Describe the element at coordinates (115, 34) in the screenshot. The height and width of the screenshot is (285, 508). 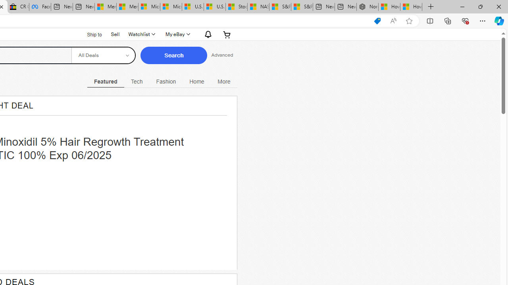
I see `'Sell'` at that location.